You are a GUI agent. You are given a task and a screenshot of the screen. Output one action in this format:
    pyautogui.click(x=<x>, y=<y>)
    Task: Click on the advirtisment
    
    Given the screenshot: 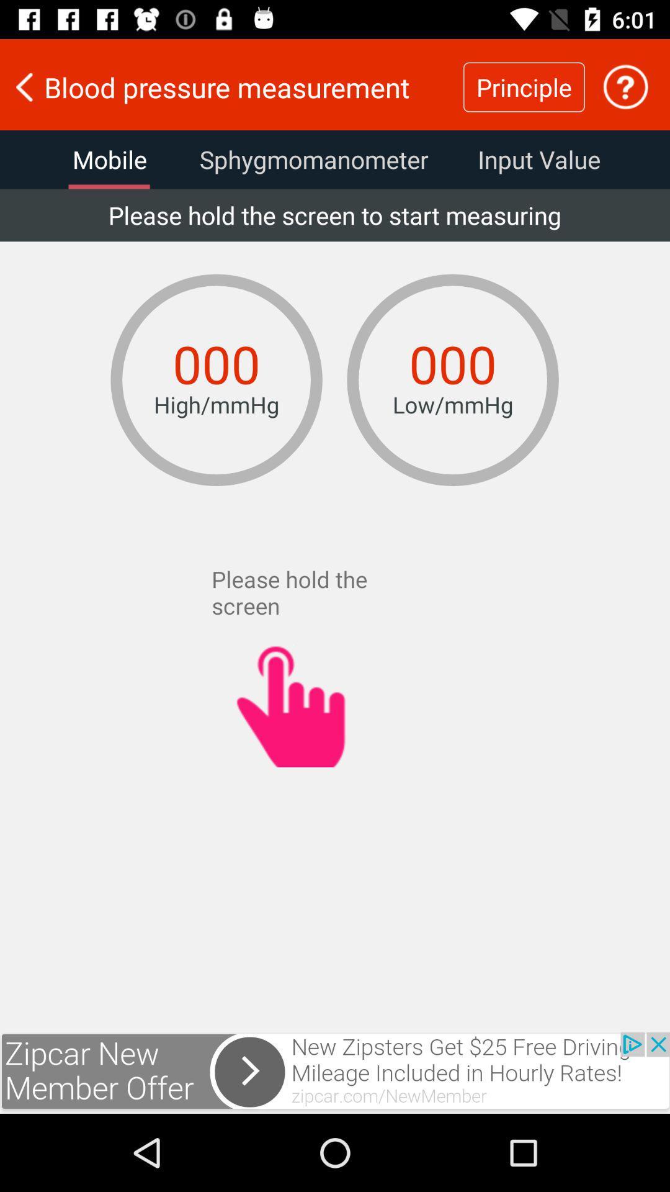 What is the action you would take?
    pyautogui.click(x=335, y=1072)
    